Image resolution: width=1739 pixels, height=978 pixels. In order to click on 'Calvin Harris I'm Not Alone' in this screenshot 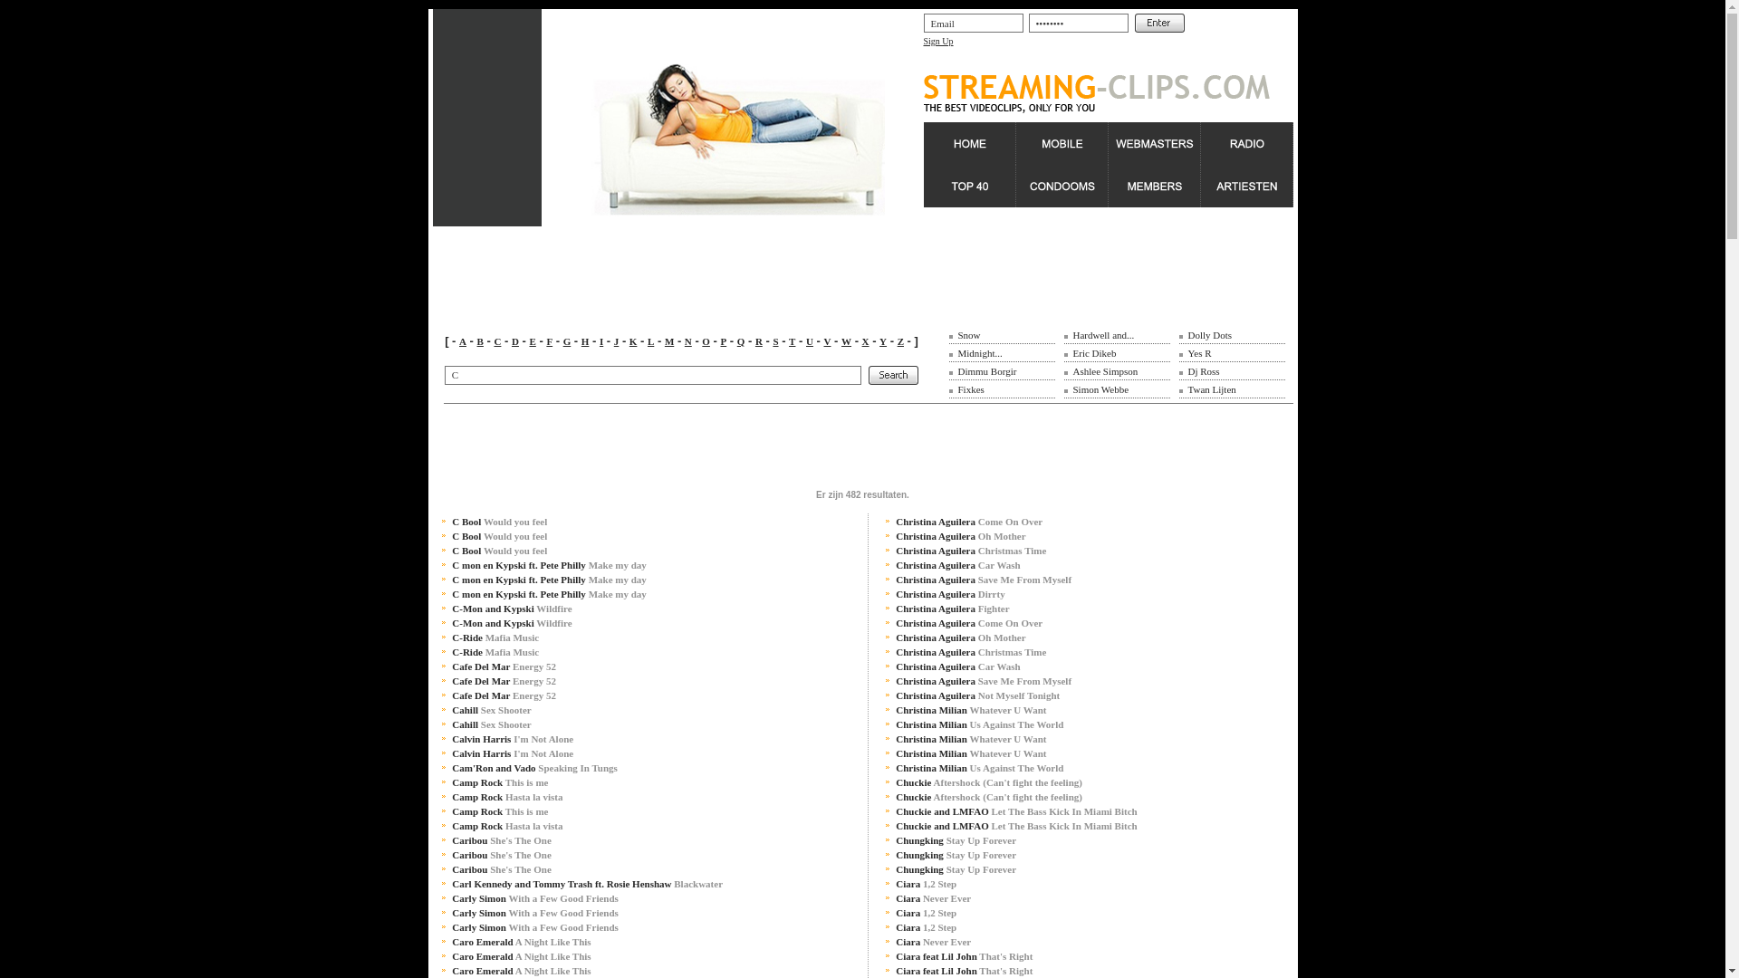, I will do `click(512, 739)`.